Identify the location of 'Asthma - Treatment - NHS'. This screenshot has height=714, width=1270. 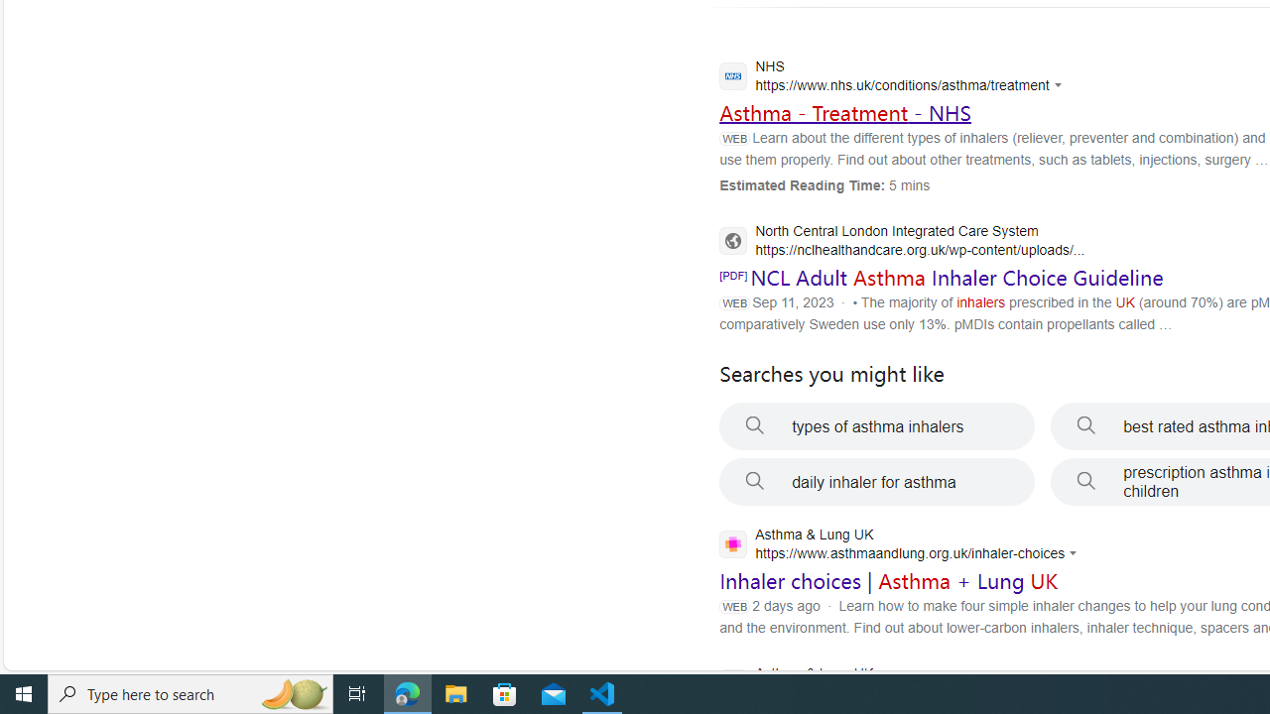
(844, 112).